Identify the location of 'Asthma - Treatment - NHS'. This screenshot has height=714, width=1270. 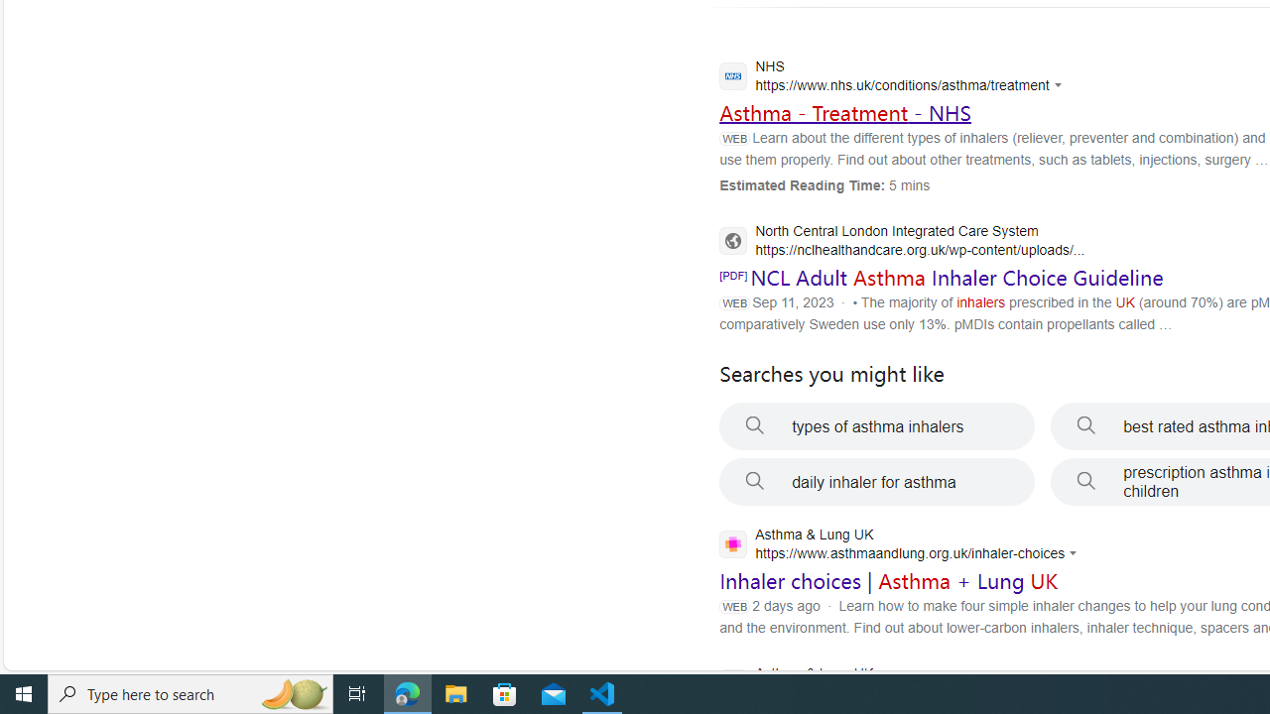
(844, 112).